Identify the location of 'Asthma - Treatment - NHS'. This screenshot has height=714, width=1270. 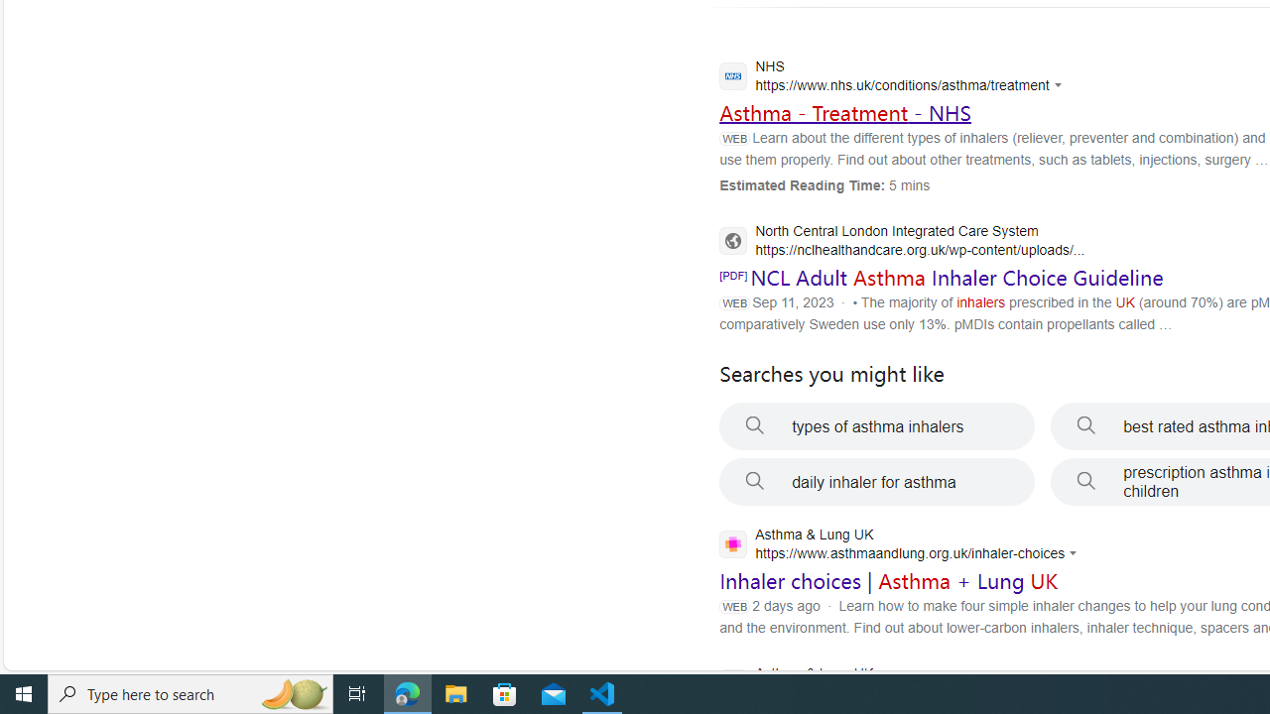
(844, 112).